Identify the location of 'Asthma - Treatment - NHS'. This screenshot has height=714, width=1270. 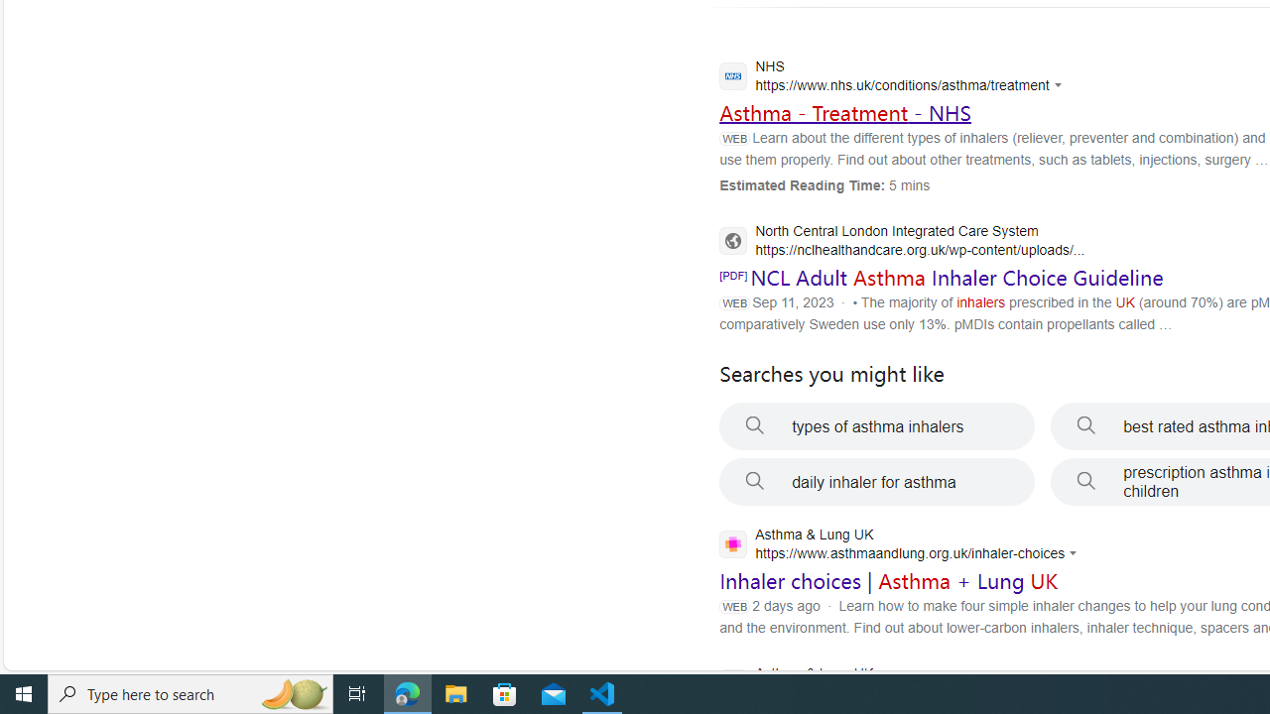
(844, 112).